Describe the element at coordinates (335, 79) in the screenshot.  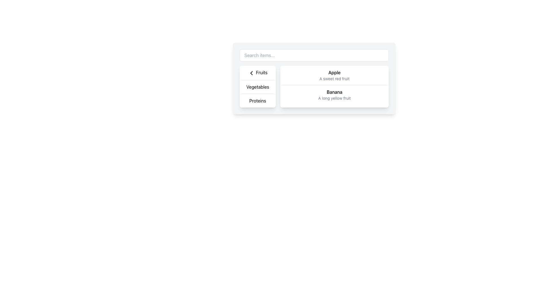
I see `the descriptive text element containing the phrase 'A sweet red fruit', which is styled in a smaller gray font and positioned directly beneath the bold 'Apple' text in the card-like layout` at that location.